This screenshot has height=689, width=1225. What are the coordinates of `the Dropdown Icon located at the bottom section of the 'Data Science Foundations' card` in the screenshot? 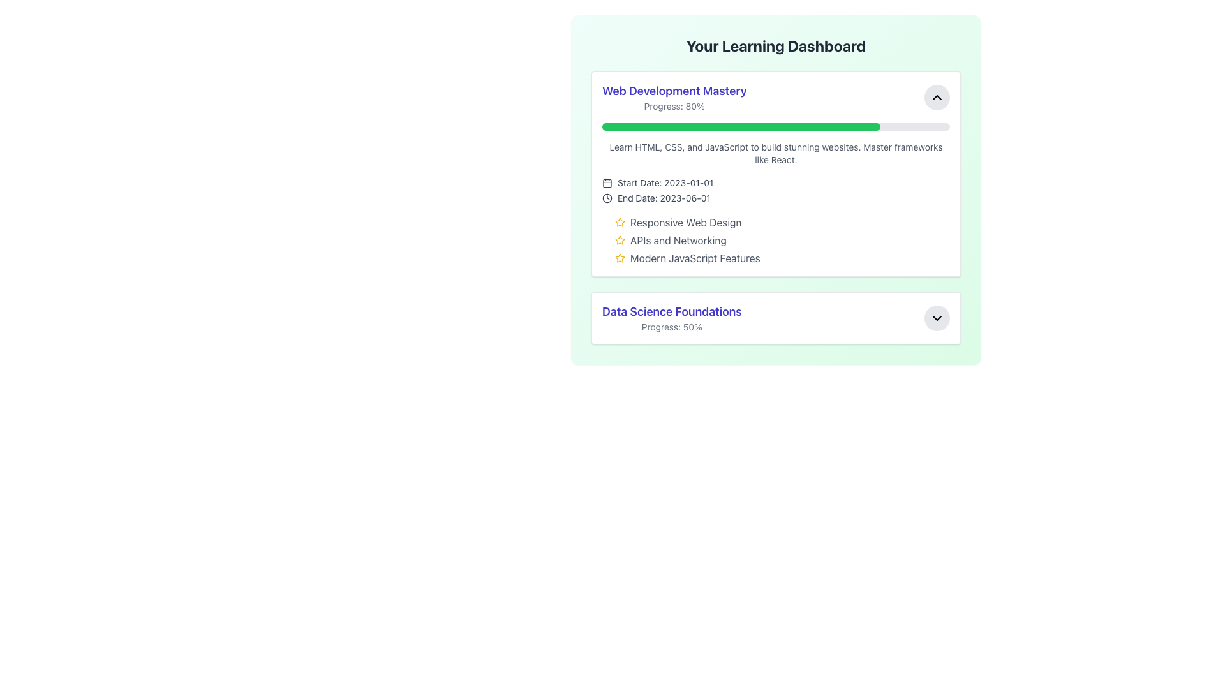 It's located at (937, 317).